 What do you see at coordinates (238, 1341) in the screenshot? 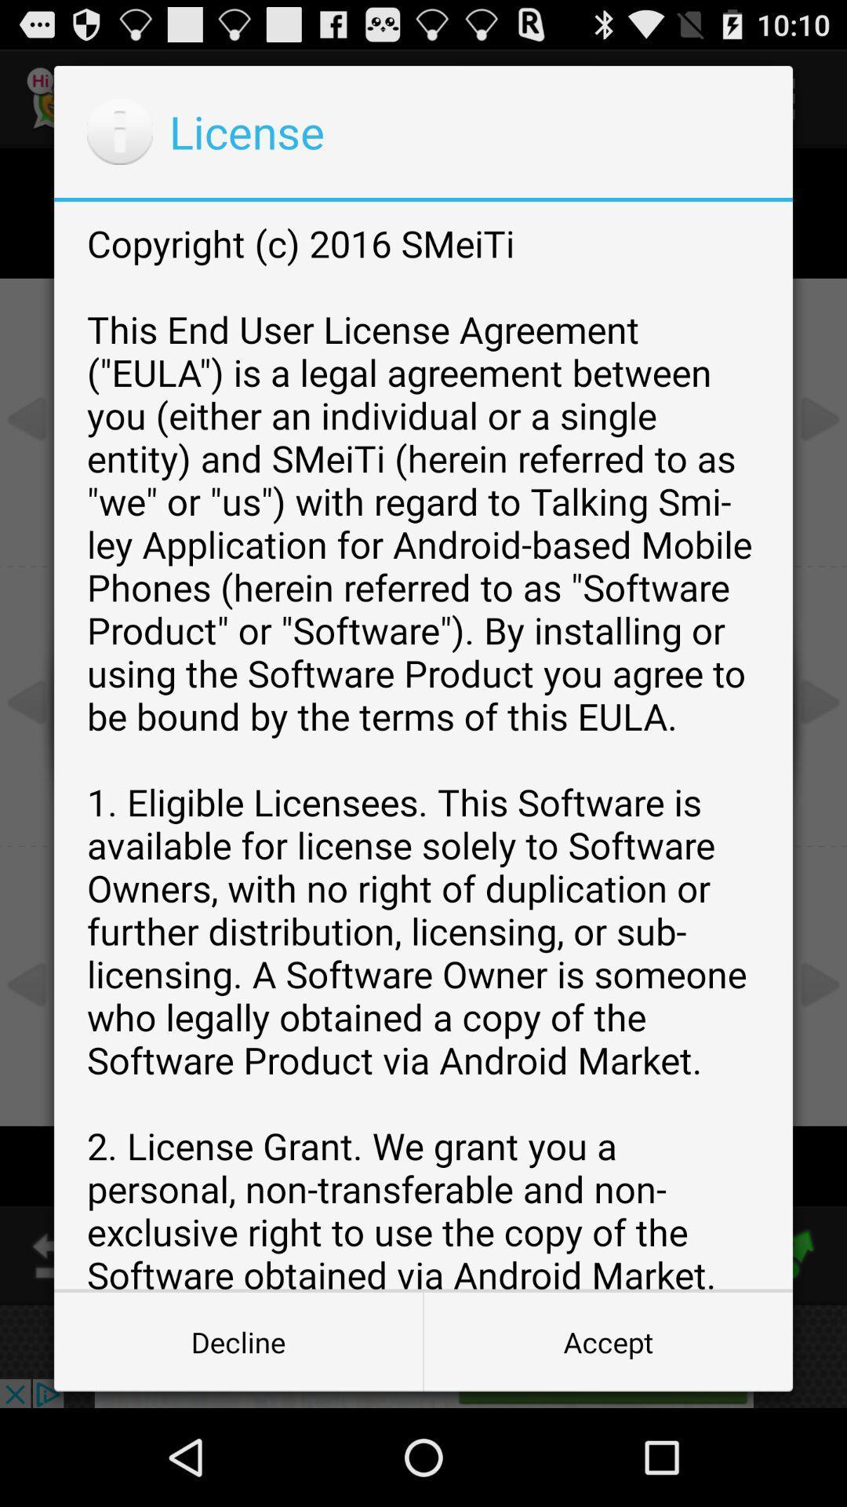
I see `the decline icon` at bounding box center [238, 1341].